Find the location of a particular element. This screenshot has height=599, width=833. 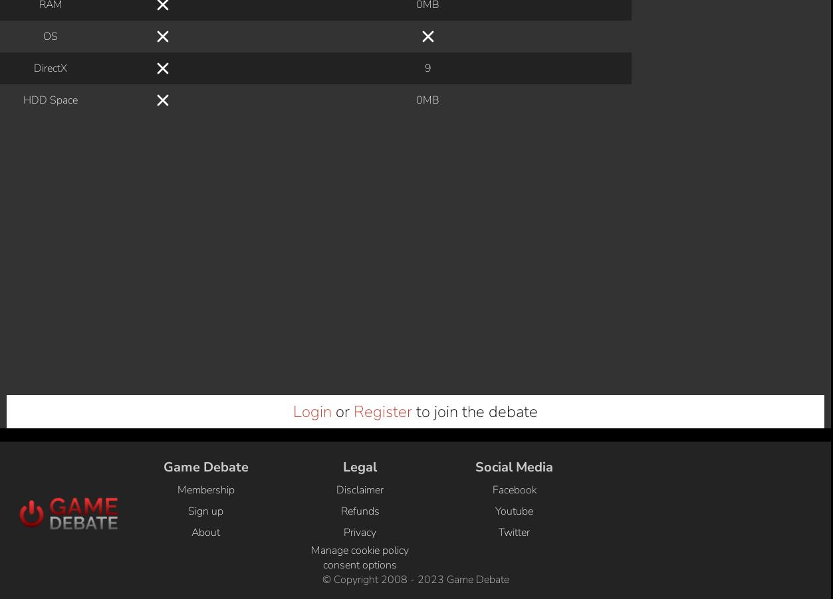

'Manage cookie policy consent options' is located at coordinates (360, 98).